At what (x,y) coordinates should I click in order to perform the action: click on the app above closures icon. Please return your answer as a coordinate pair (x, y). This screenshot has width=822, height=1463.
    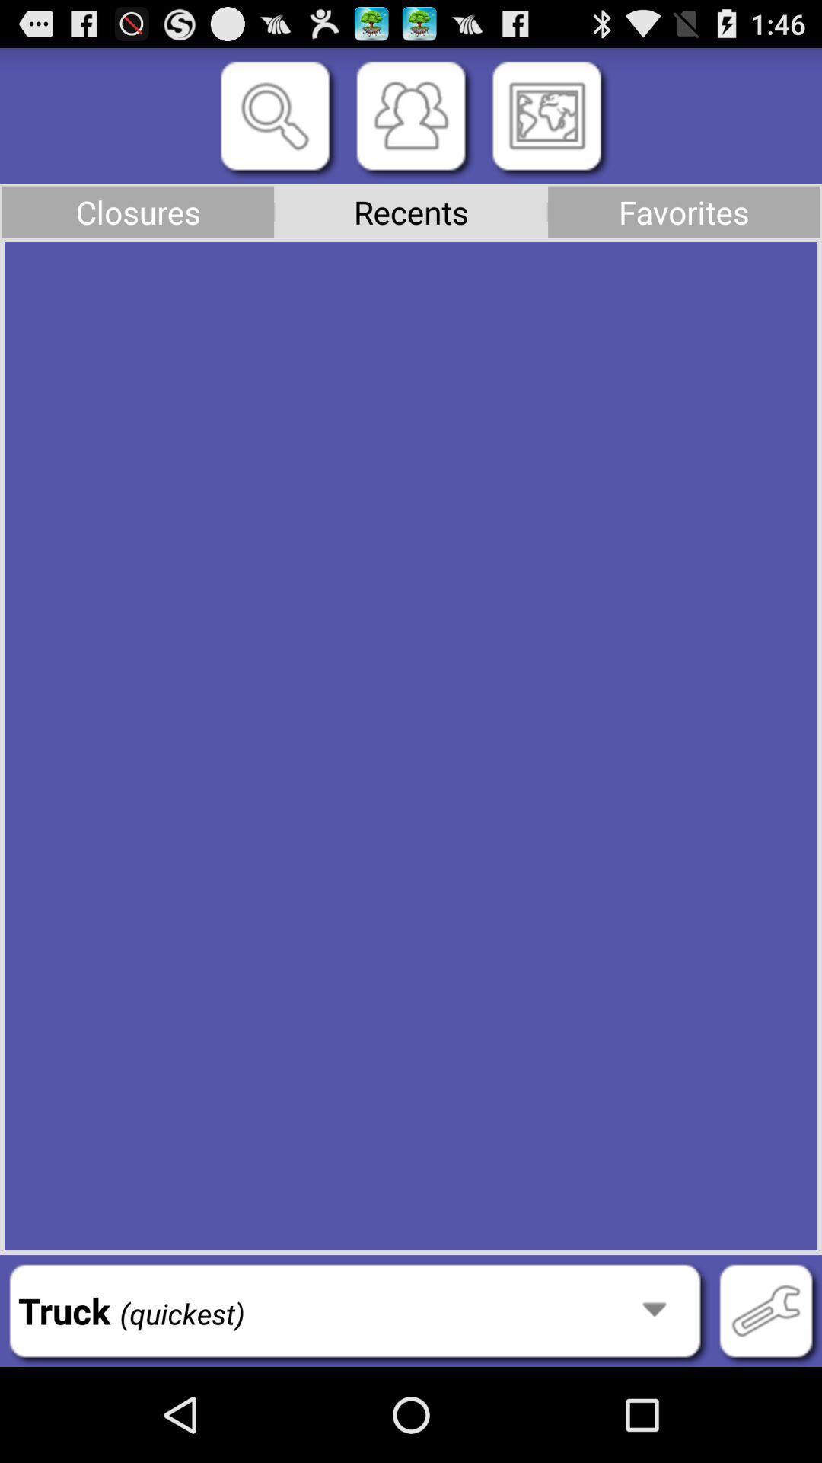
    Looking at the image, I should click on (275, 115).